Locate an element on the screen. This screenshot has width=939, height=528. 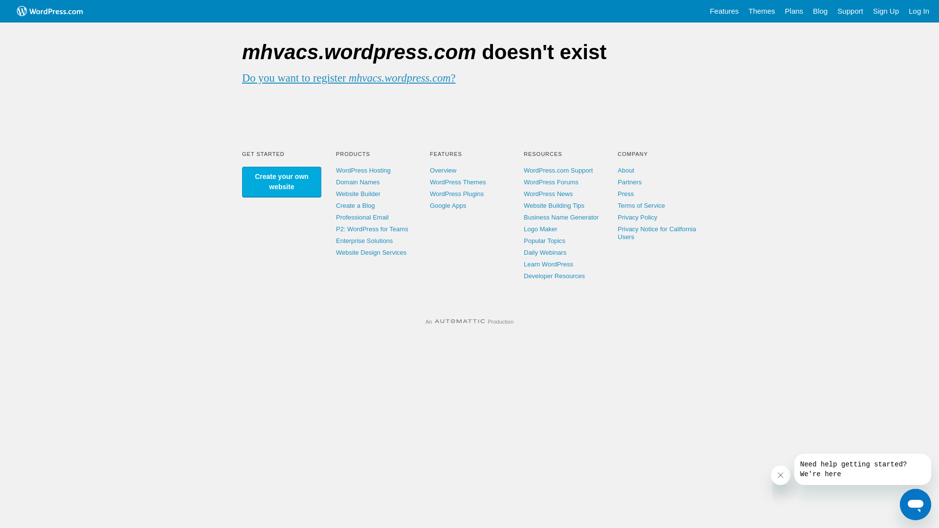
'Create a Blog' is located at coordinates (355, 205).